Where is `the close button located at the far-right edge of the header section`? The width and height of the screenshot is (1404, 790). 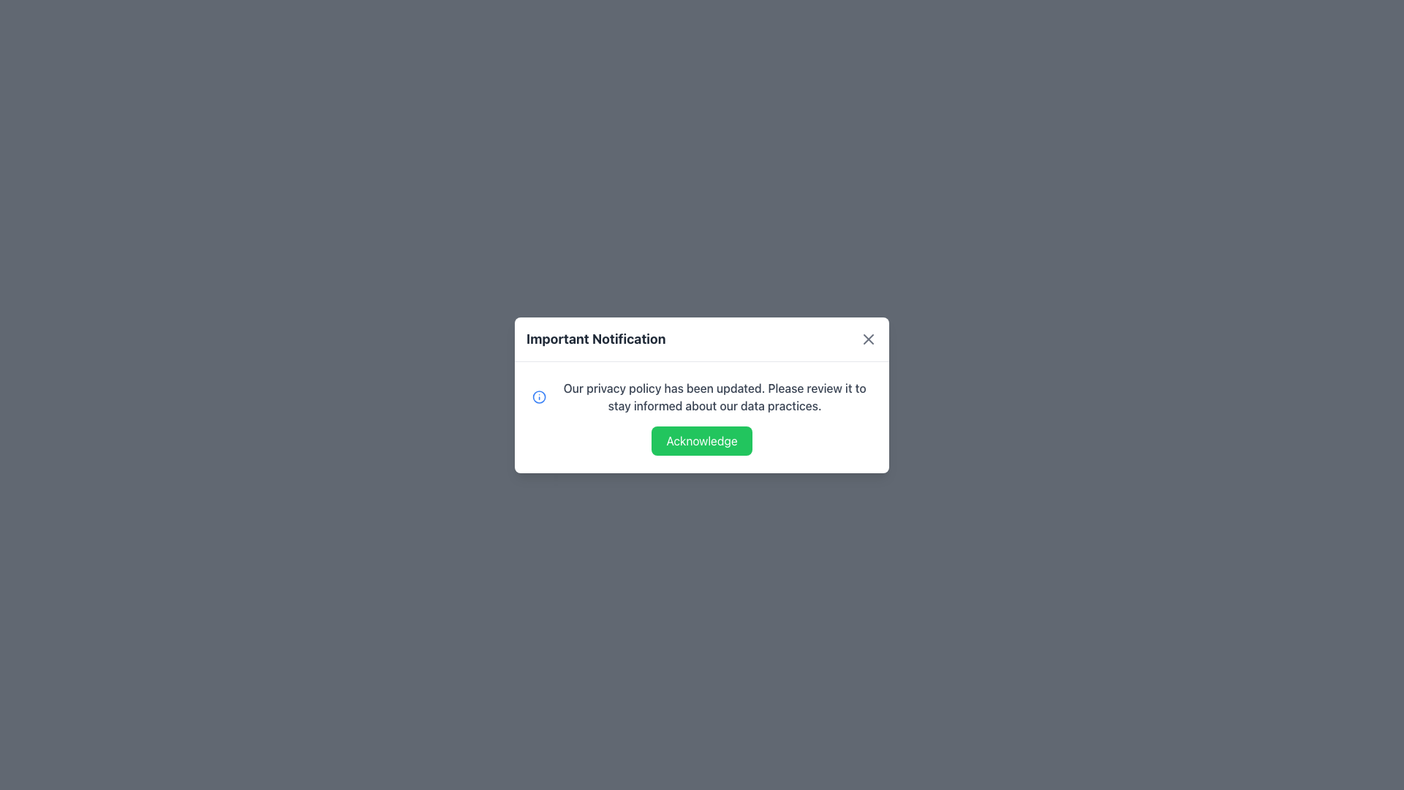
the close button located at the far-right edge of the header section is located at coordinates (869, 338).